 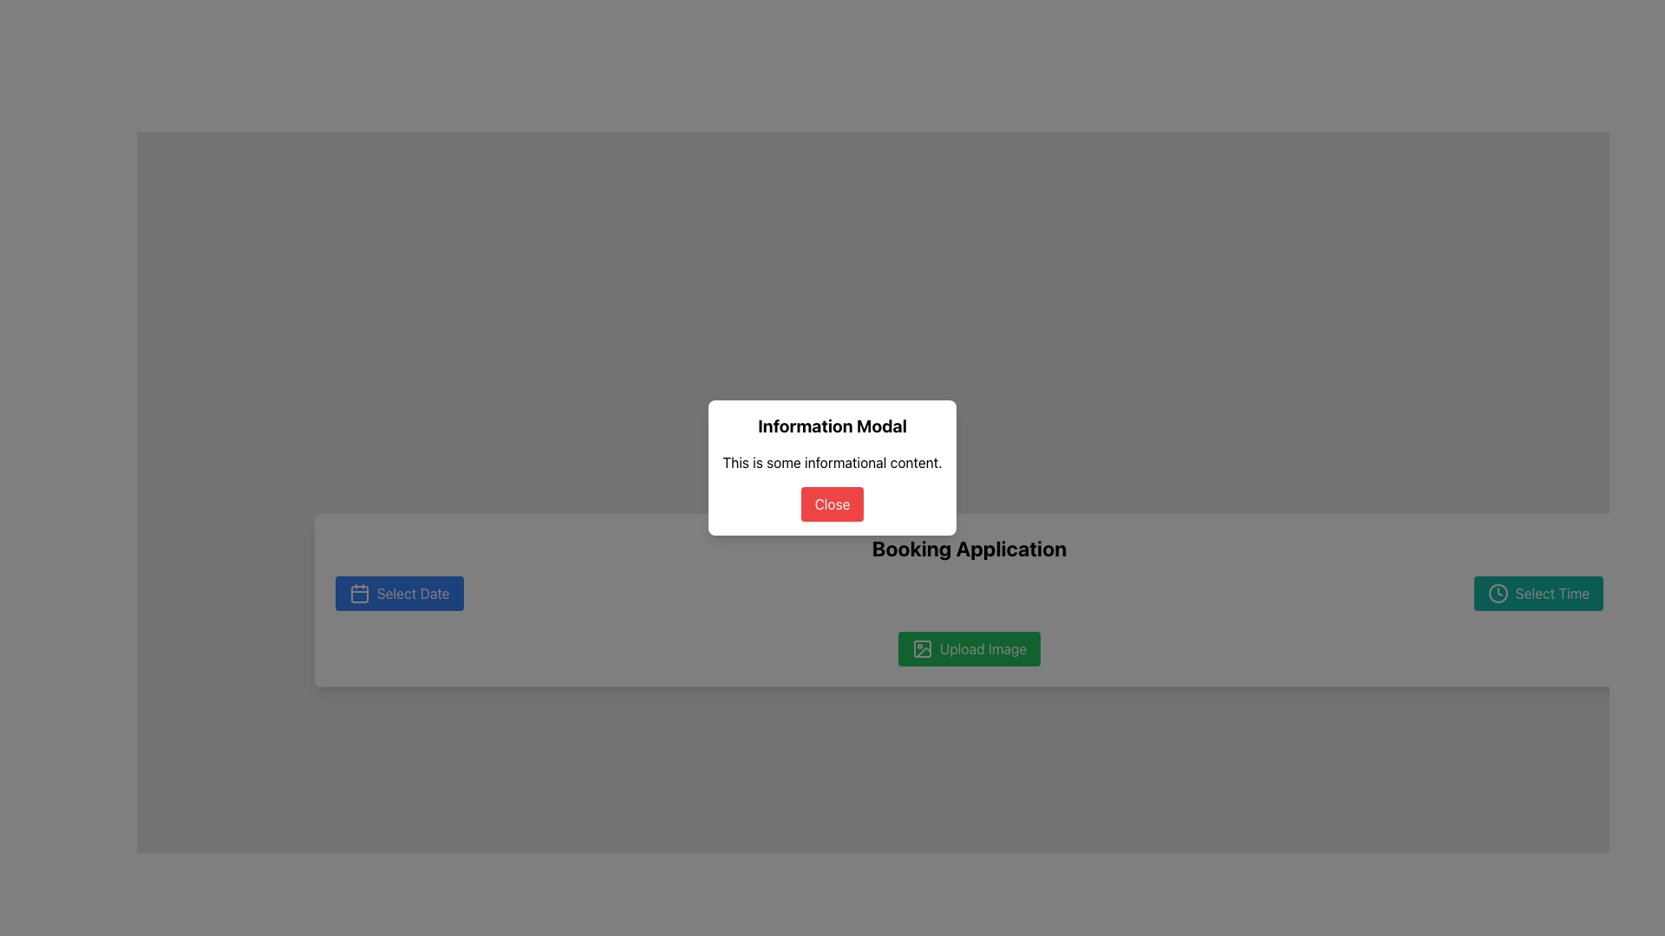 What do you see at coordinates (921, 648) in the screenshot?
I see `the top-left rounded green rectangle within the 'Upload Image' section of the interface` at bounding box center [921, 648].